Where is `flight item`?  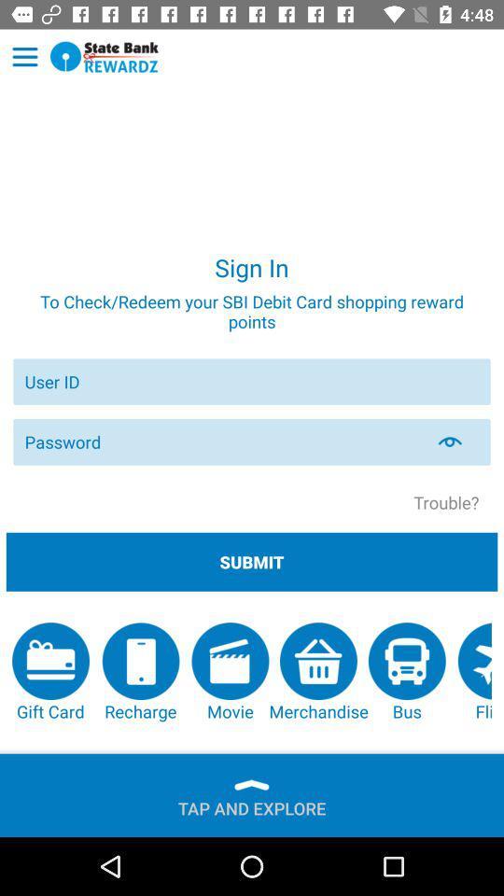
flight item is located at coordinates (474, 672).